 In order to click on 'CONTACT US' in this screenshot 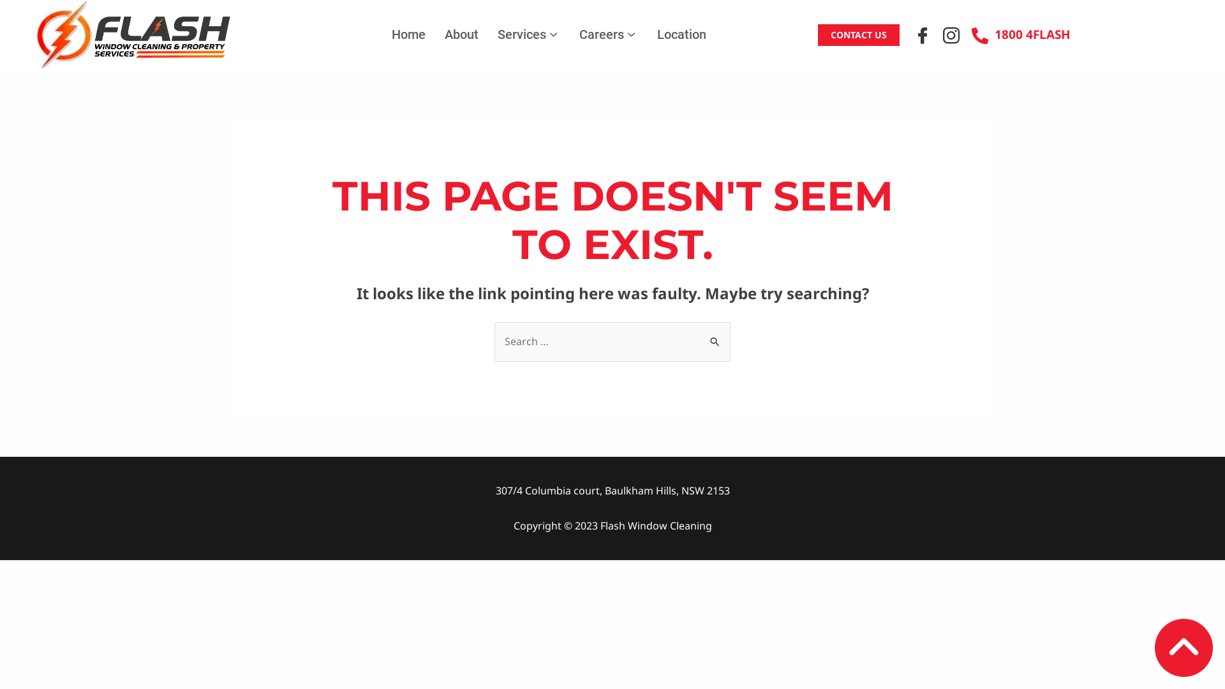, I will do `click(817, 34)`.